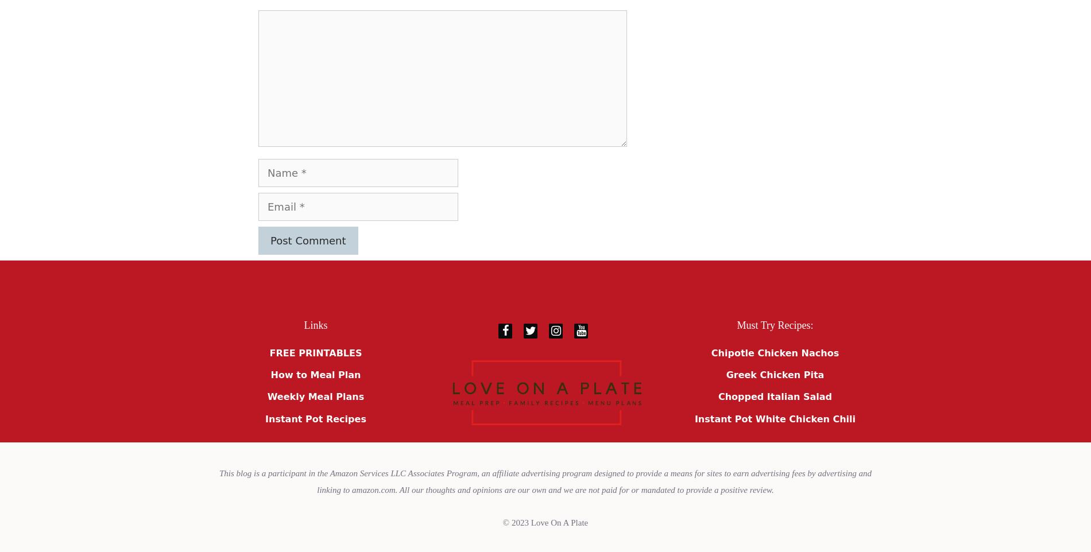 Image resolution: width=1091 pixels, height=552 pixels. I want to click on 'Chopped Italian Salad', so click(717, 396).